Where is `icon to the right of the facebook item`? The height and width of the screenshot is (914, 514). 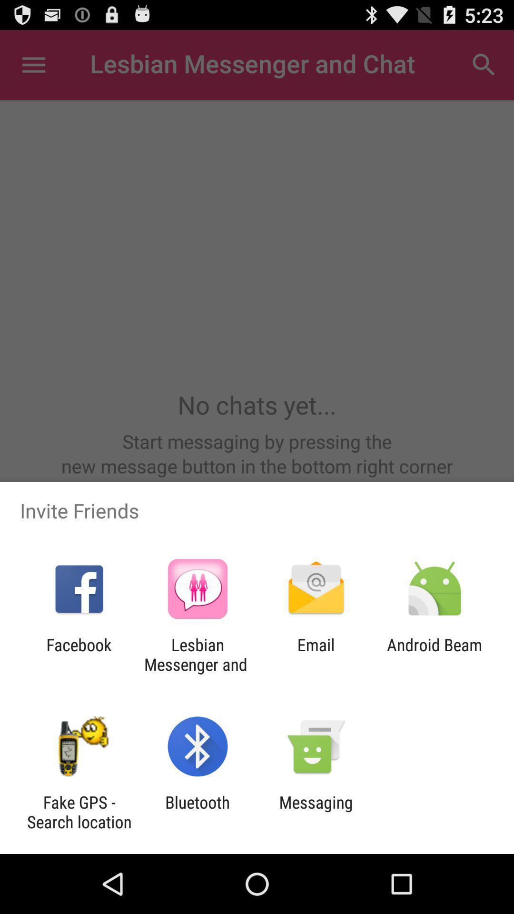 icon to the right of the facebook item is located at coordinates (197, 654).